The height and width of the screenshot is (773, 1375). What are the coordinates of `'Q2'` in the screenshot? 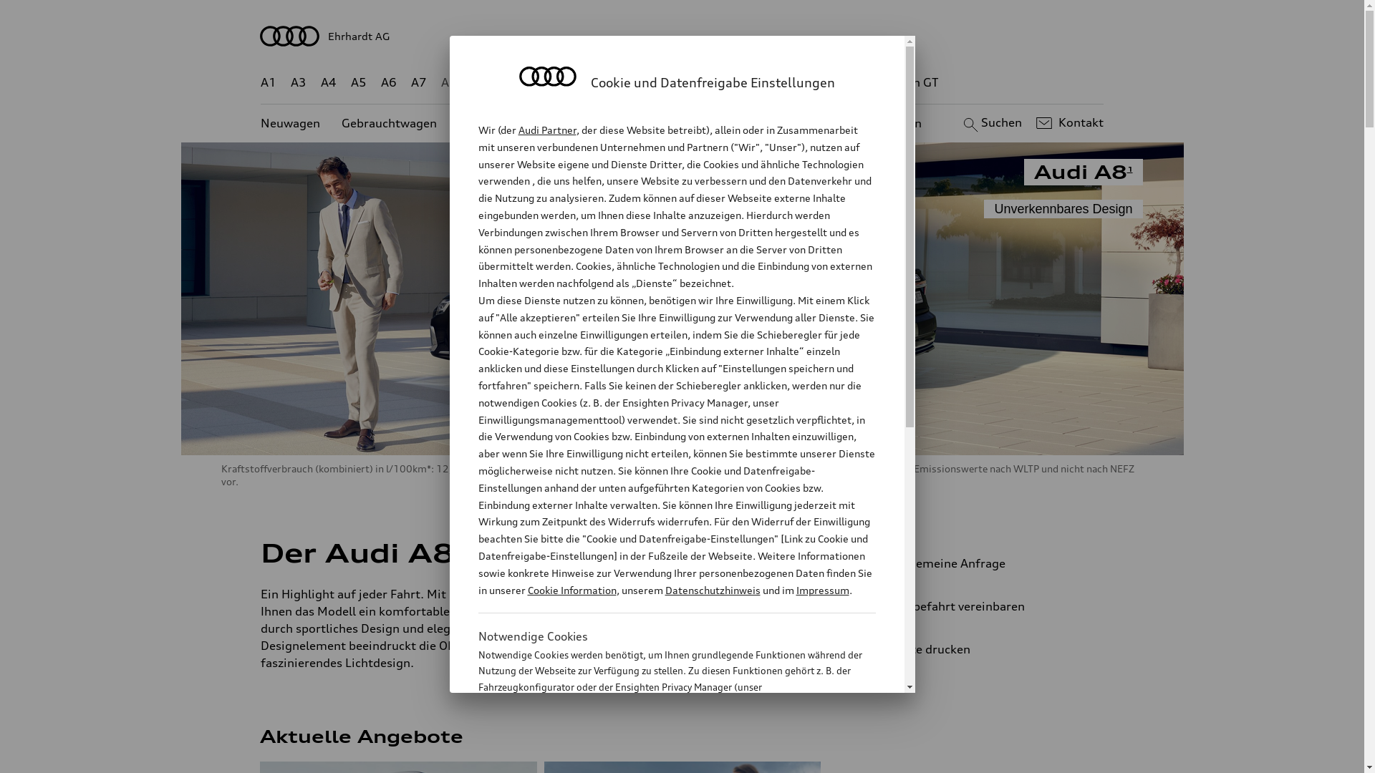 It's located at (479, 82).